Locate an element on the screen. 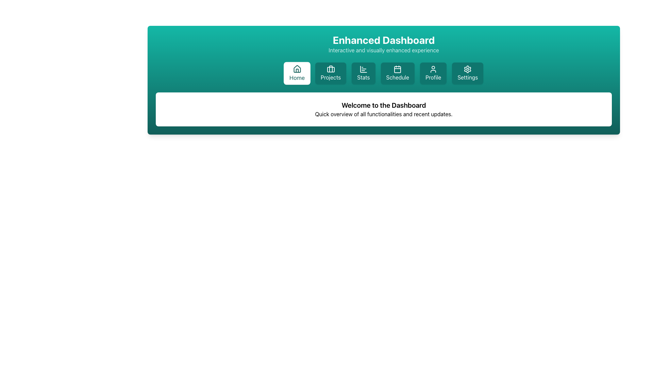 This screenshot has width=653, height=367. the bar chart icon located in the navigation panel beneath the 'Enhanced Dashboard' header is located at coordinates (363, 69).